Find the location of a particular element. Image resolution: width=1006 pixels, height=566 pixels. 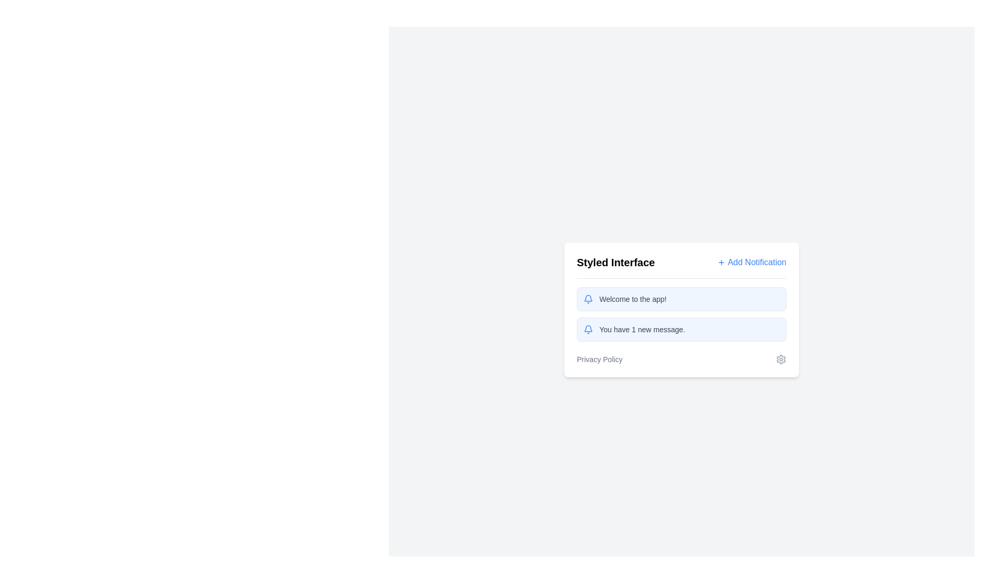

the plus icon located to the left of the 'Add Notification' text for tooltip or visual feedback is located at coordinates (721, 262).